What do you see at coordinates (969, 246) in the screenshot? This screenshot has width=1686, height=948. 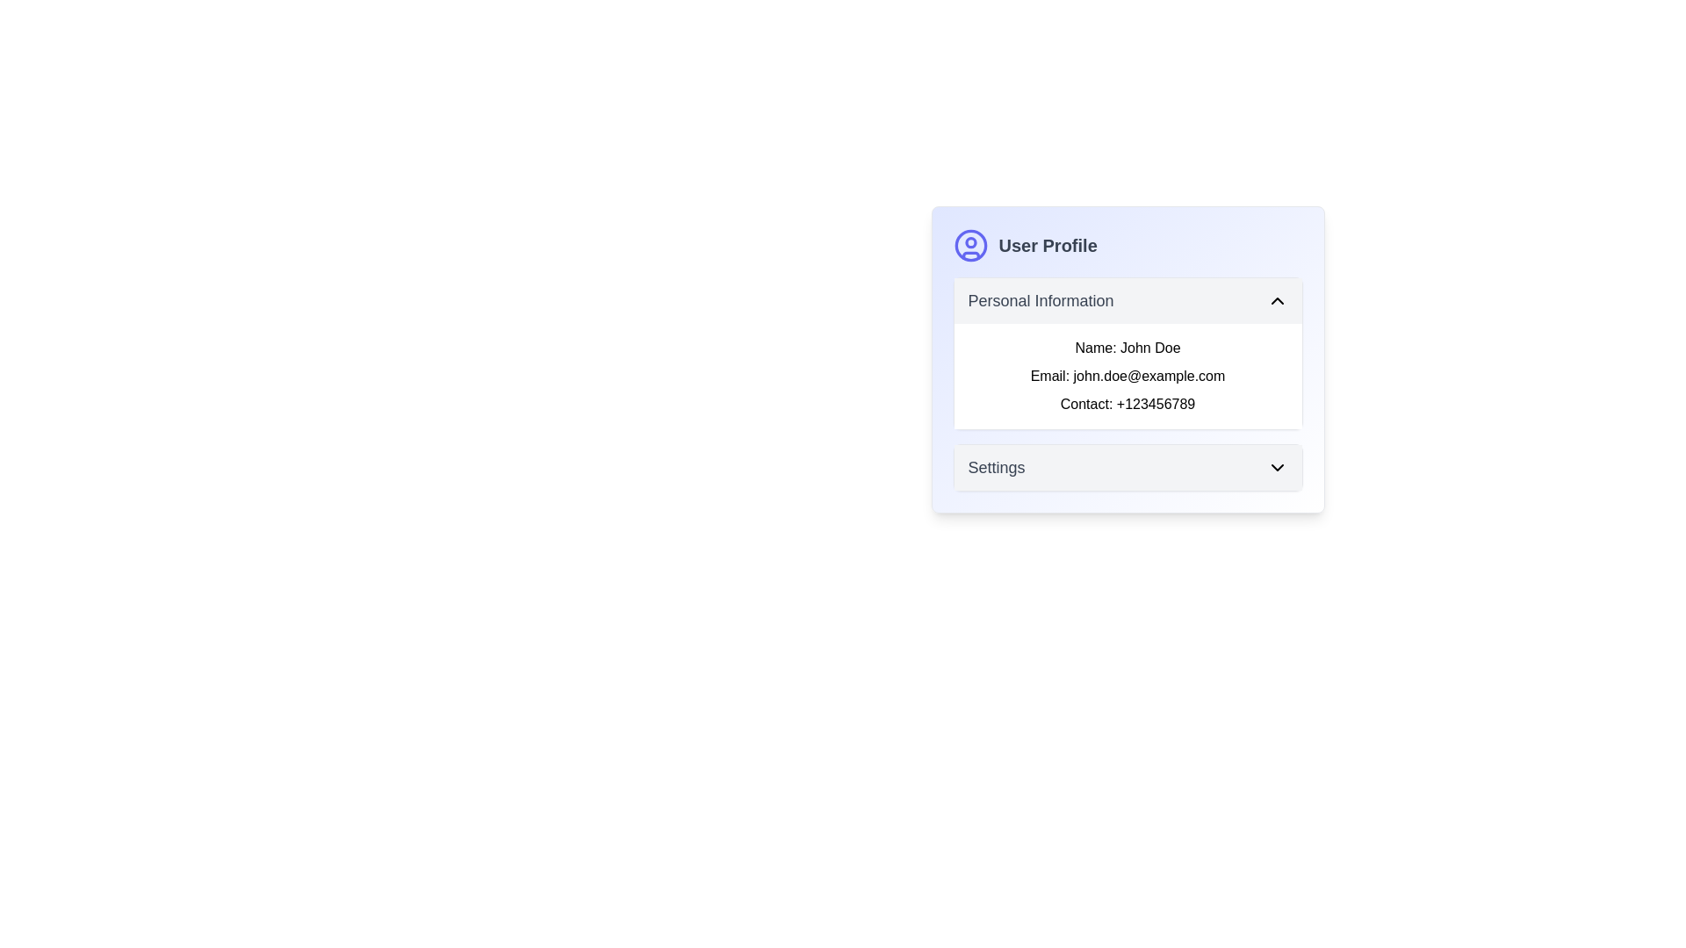 I see `the blue circular stroke element of the user avatar icon, which outlines the larger circle of the icon within the SVG representation` at bounding box center [969, 246].